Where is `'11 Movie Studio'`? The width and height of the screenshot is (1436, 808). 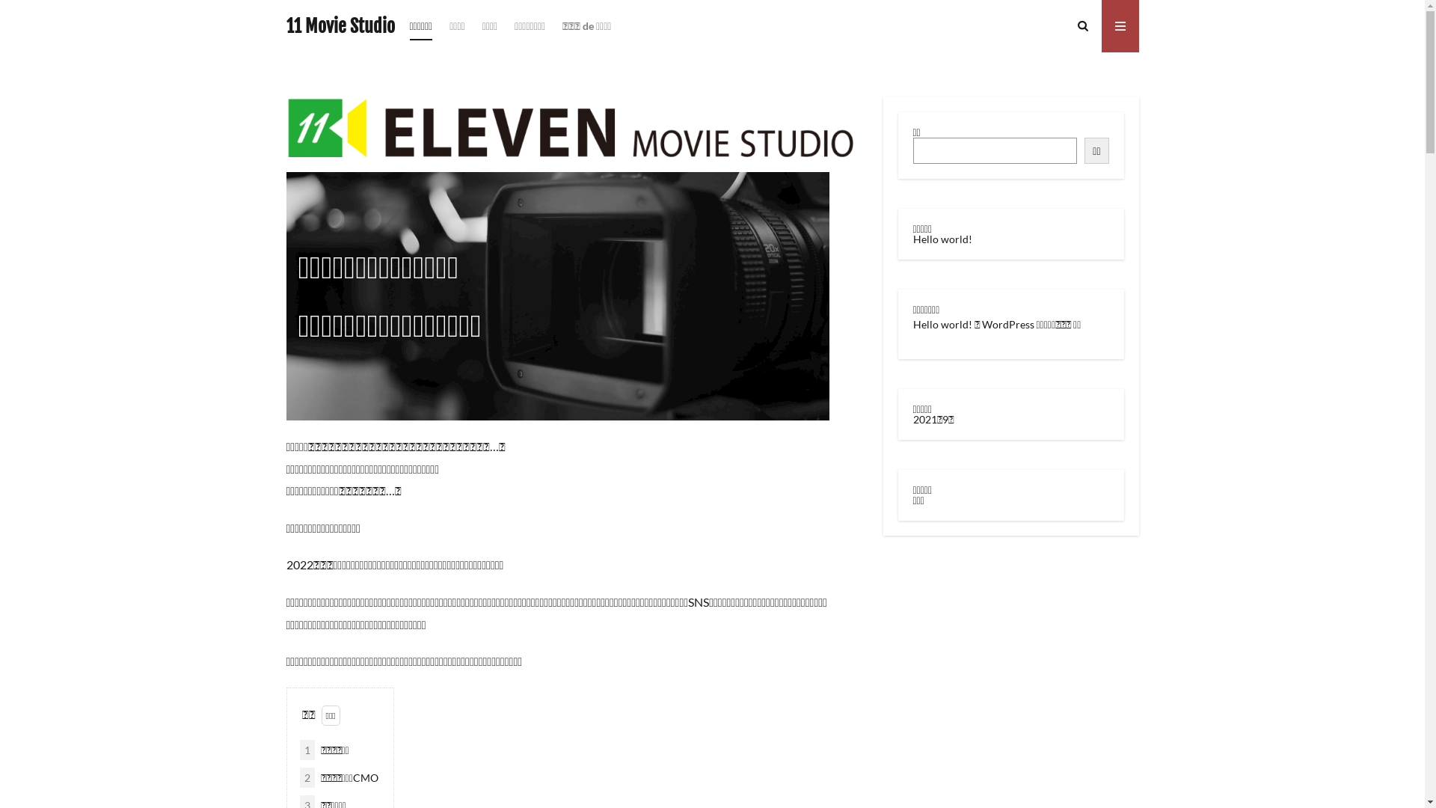 '11 Movie Studio' is located at coordinates (339, 25).